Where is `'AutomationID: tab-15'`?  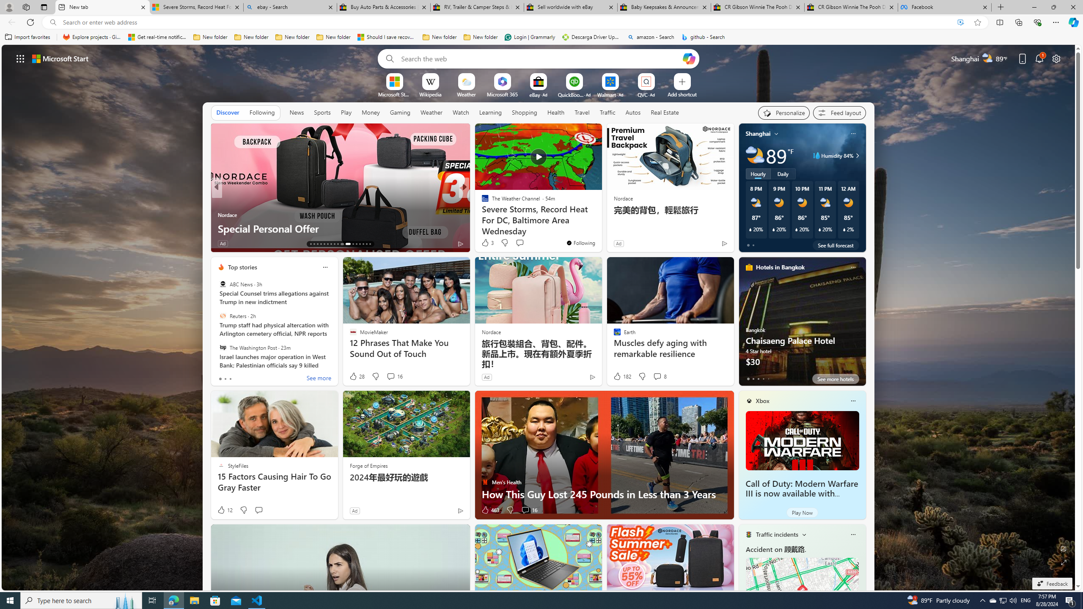 'AutomationID: tab-15' is located at coordinates (317, 244).